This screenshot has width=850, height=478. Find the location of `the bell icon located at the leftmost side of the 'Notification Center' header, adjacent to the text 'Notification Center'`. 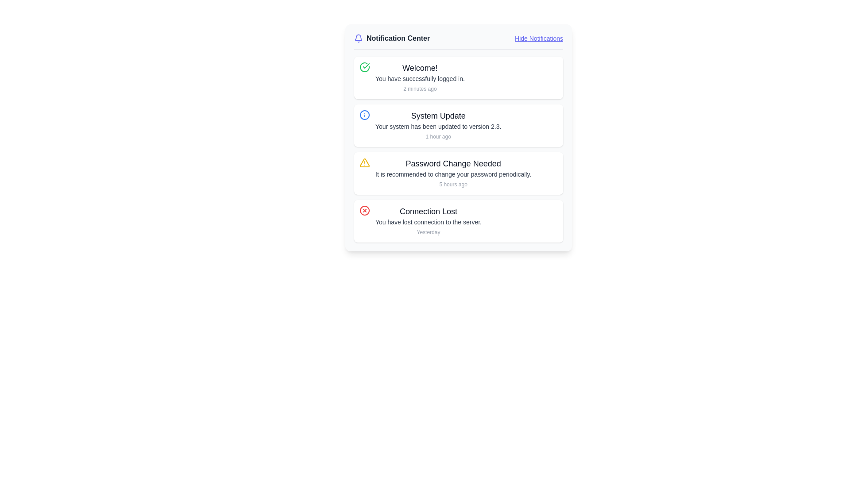

the bell icon located at the leftmost side of the 'Notification Center' header, adjacent to the text 'Notification Center' is located at coordinates (359, 38).